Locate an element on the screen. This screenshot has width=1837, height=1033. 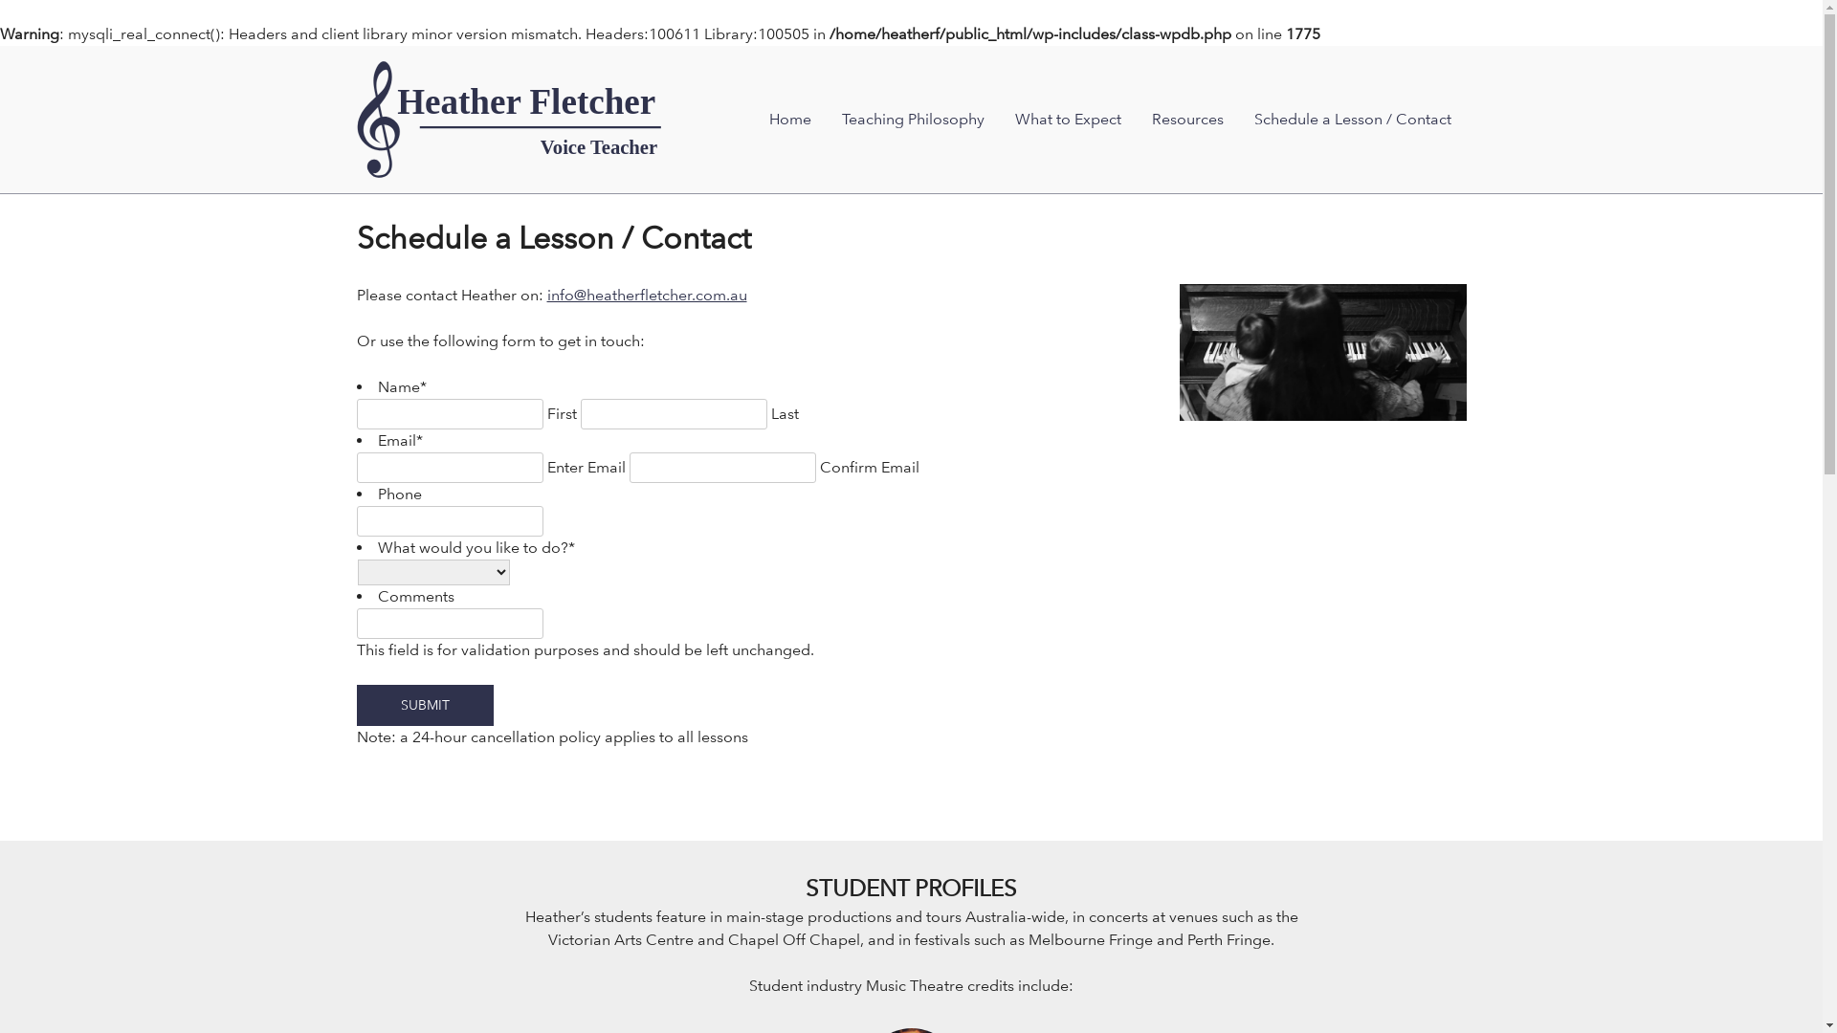
'Home' is located at coordinates (789, 119).